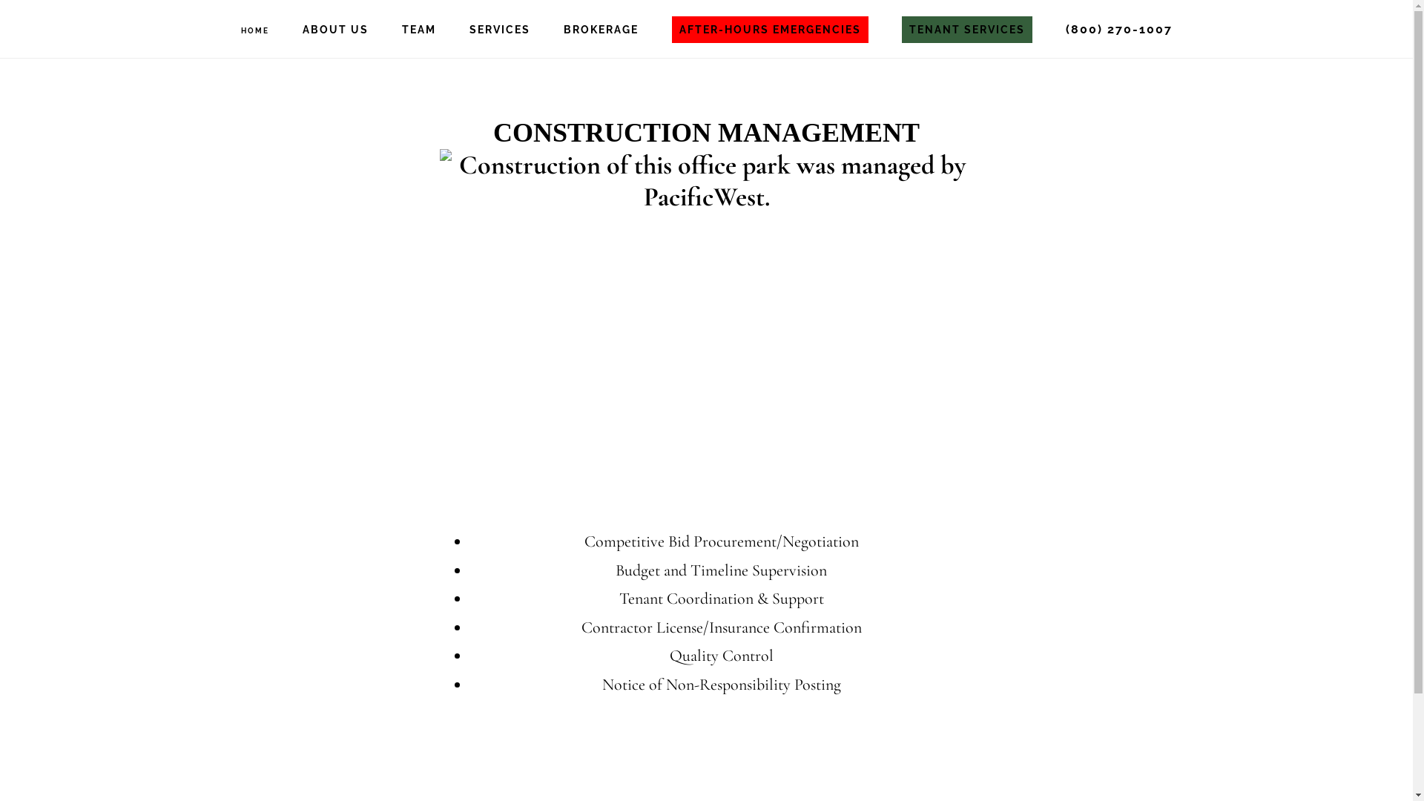 Image resolution: width=1424 pixels, height=801 pixels. Describe the element at coordinates (254, 31) in the screenshot. I see `'HOME'` at that location.